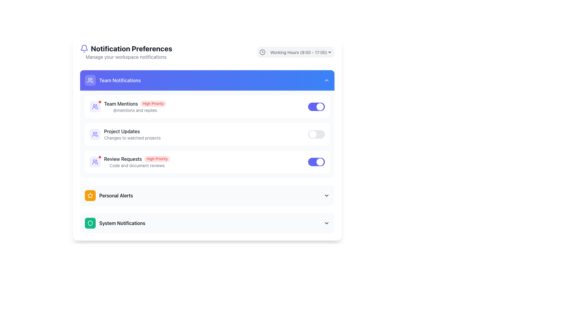  What do you see at coordinates (129, 162) in the screenshot?
I see `the list item labeled 'Review Requests' which includes a 'High Priority' badge and a group symbol icon` at bounding box center [129, 162].